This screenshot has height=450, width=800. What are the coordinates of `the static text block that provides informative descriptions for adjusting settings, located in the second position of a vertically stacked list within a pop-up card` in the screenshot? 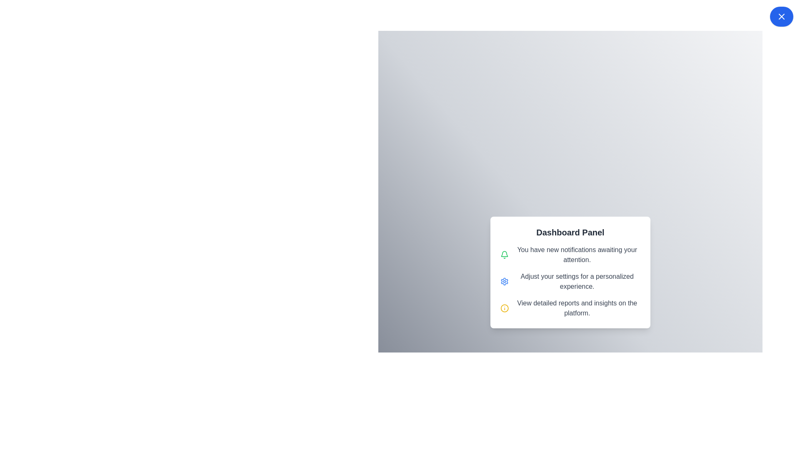 It's located at (577, 281).